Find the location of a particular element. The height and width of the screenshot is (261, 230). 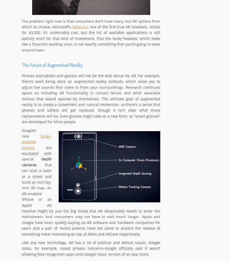

'Tango-enabled phones' is located at coordinates (37, 142).